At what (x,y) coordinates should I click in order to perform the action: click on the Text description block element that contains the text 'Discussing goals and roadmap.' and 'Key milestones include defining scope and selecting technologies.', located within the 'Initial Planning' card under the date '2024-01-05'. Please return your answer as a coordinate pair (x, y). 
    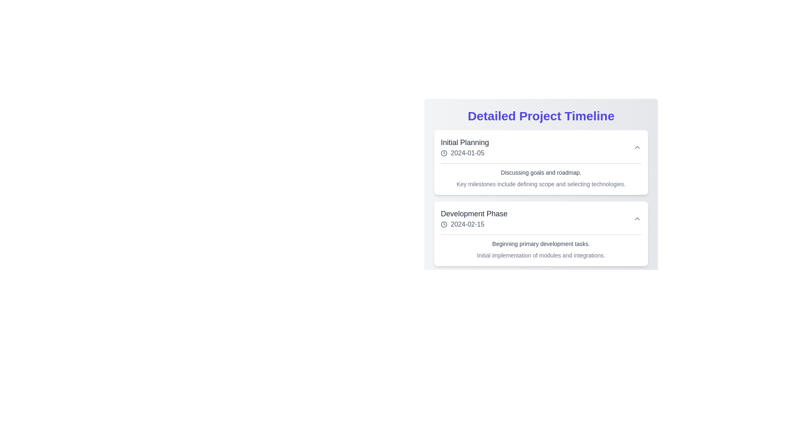
    Looking at the image, I should click on (541, 175).